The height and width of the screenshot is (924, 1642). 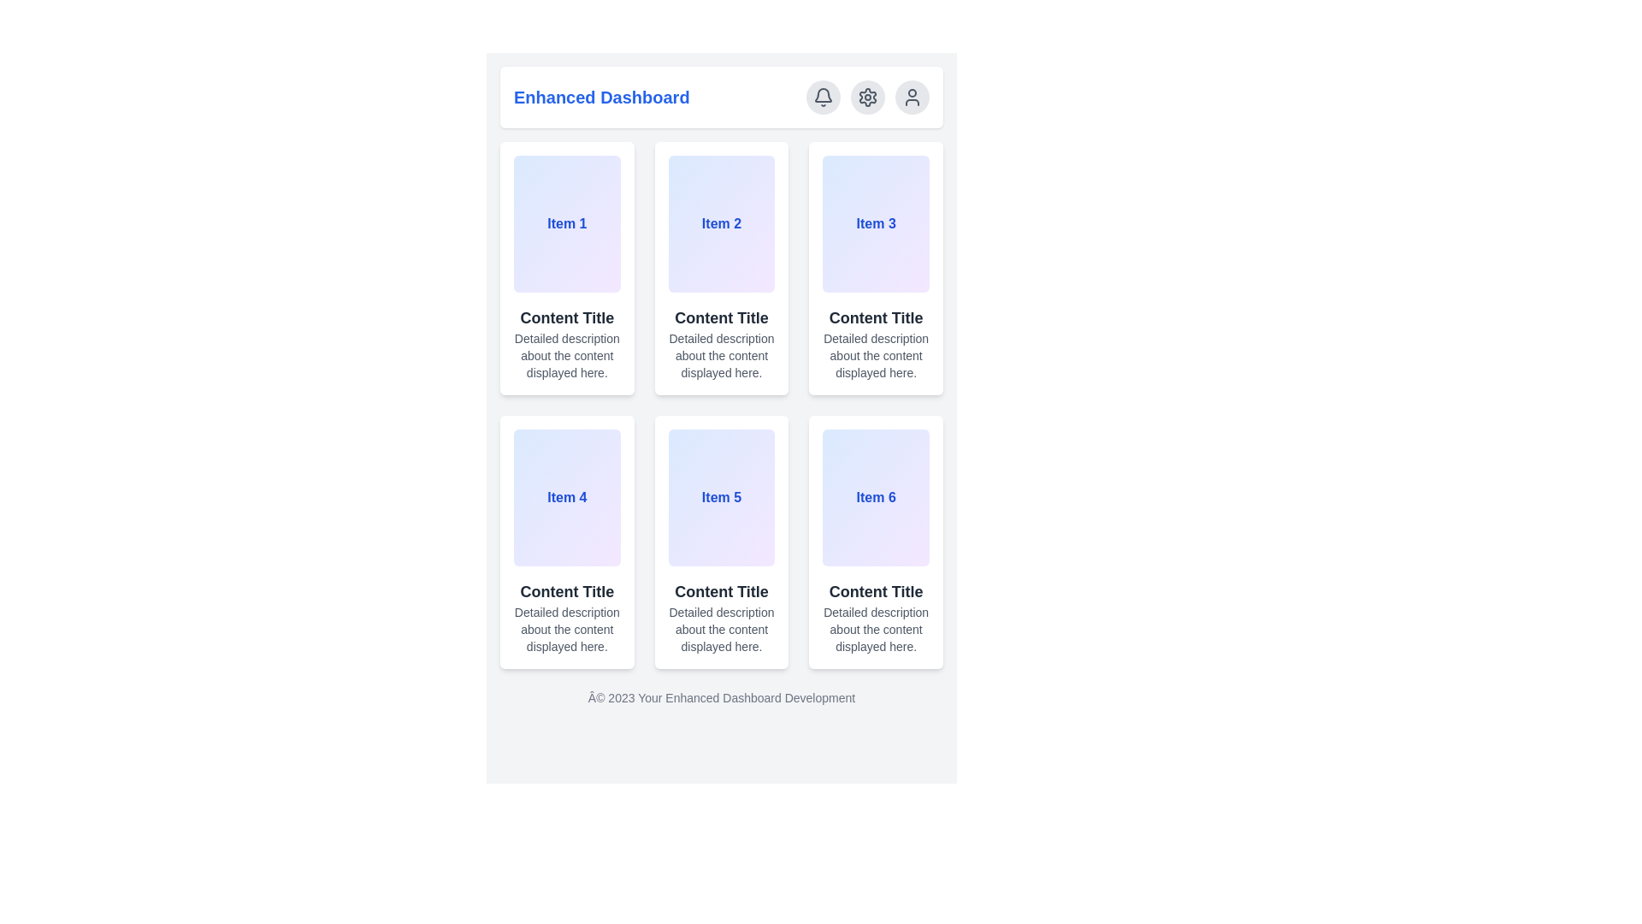 What do you see at coordinates (722, 630) in the screenshot?
I see `the text block that displays 'Detailed description about the content displayed here.' located beneath the header 'Content Title' in the card labeled 'Item 5'` at bounding box center [722, 630].